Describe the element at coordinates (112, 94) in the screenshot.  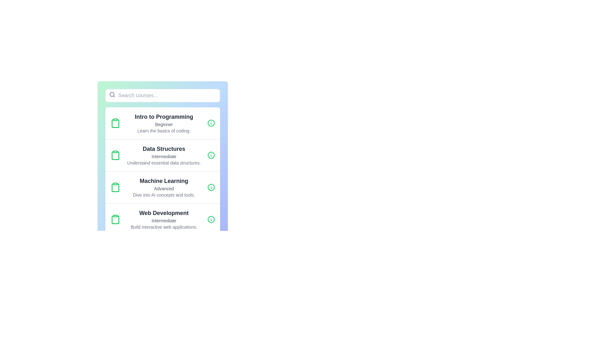
I see `the search icon, which resembles a magnifying glass and is positioned to the left of the input field labeled 'Search courses...'` at that location.